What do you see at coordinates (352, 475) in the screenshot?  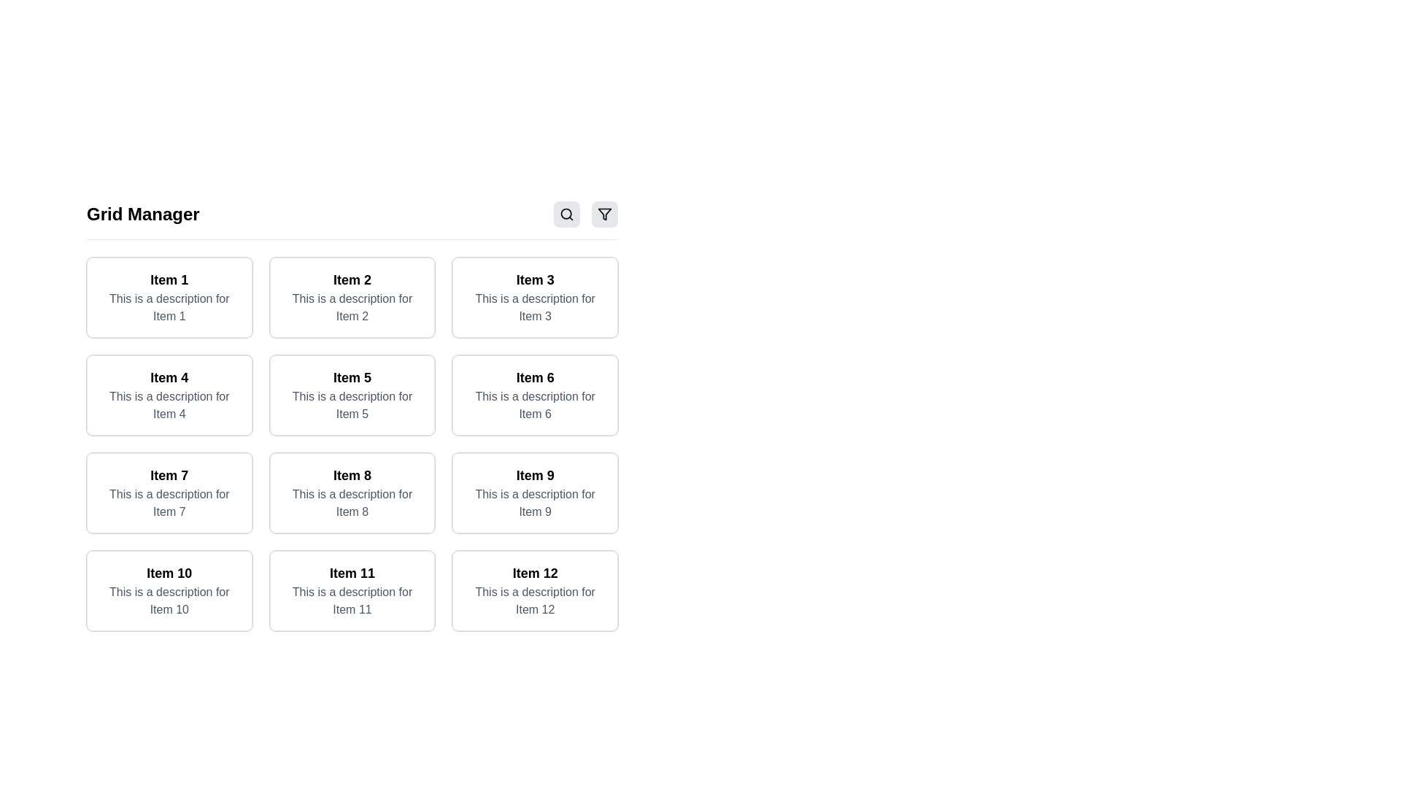 I see `the text label that identifies the grid item as 'Item 8', which is located in the third row, second column of a 4x3 grid layout` at bounding box center [352, 475].